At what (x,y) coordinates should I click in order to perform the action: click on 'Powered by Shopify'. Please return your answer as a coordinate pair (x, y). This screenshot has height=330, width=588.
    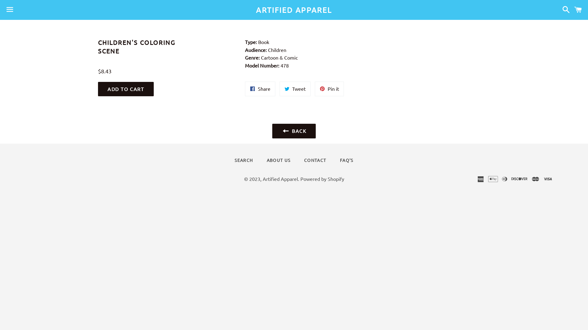
    Looking at the image, I should click on (322, 179).